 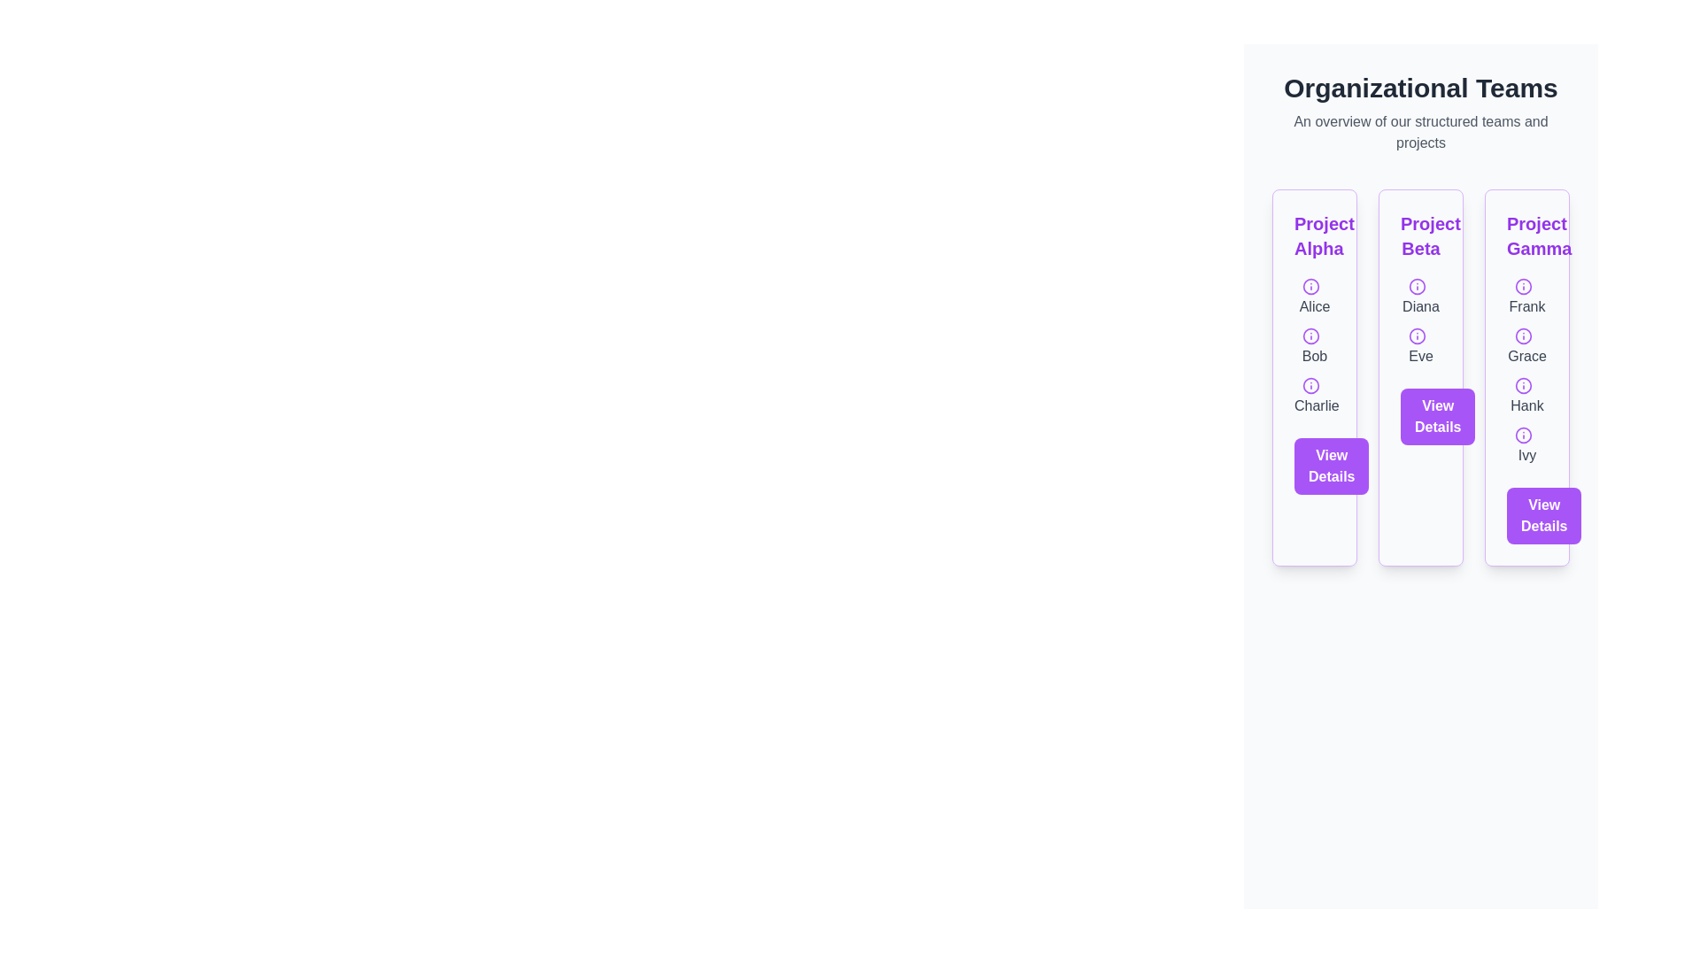 I want to click on text label that displays 'An overview of our structured teams and projects.' located below the heading 'Organizational Teams', so click(x=1420, y=132).